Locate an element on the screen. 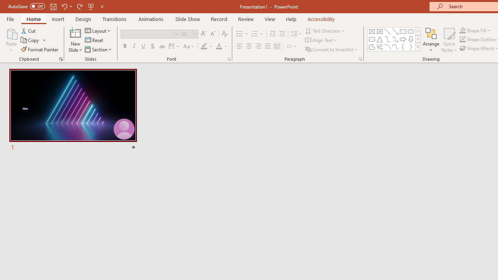  'Italic' is located at coordinates (134, 46).